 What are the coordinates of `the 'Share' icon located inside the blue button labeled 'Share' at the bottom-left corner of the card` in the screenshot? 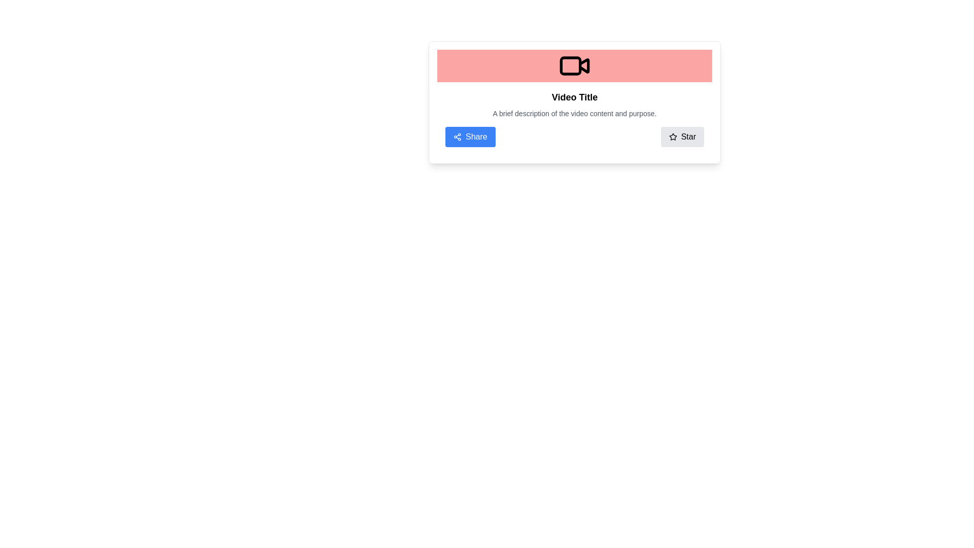 It's located at (457, 137).